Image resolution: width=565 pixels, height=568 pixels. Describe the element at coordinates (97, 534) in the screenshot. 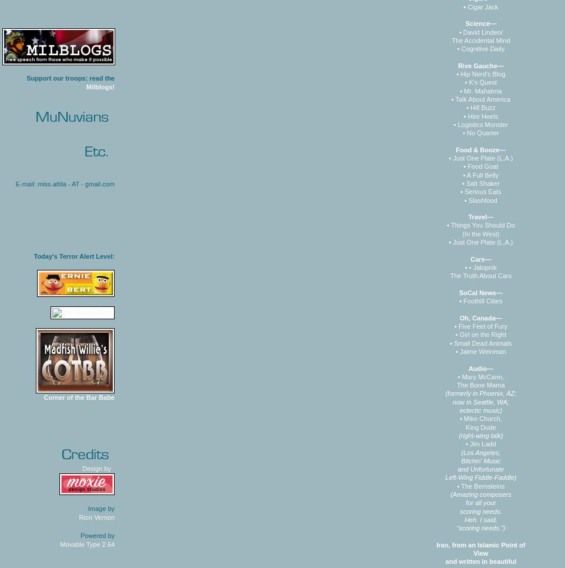

I see `'Powered by'` at that location.